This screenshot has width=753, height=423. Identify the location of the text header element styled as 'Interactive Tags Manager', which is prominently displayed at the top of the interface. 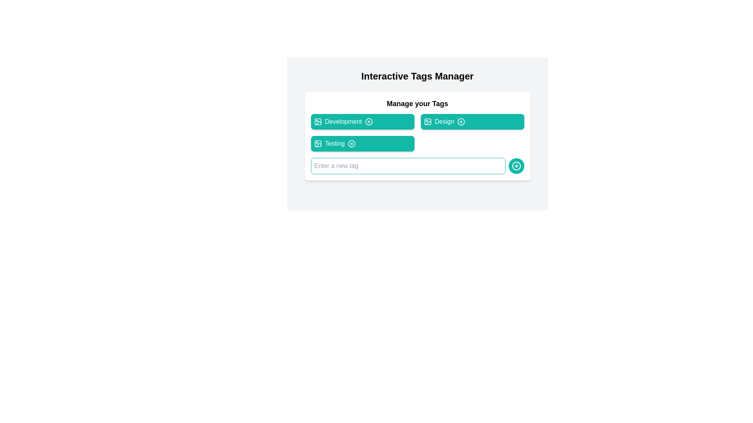
(417, 76).